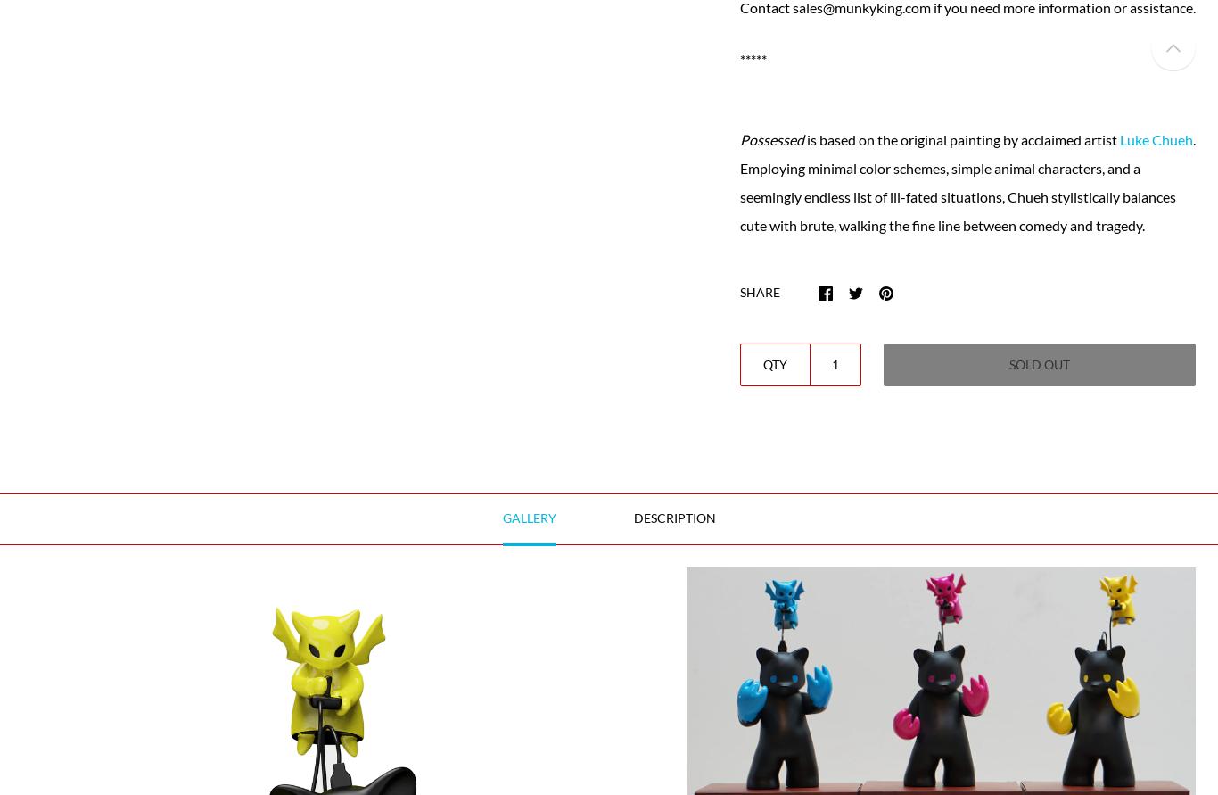  I want to click on '. Employing minimal color schemes, simple animal characters, and a seemingly endless list of ill-fated situations, Chueh stylistically balances cute with brute, walking the fine line between comedy and tragedy.', so click(966, 181).